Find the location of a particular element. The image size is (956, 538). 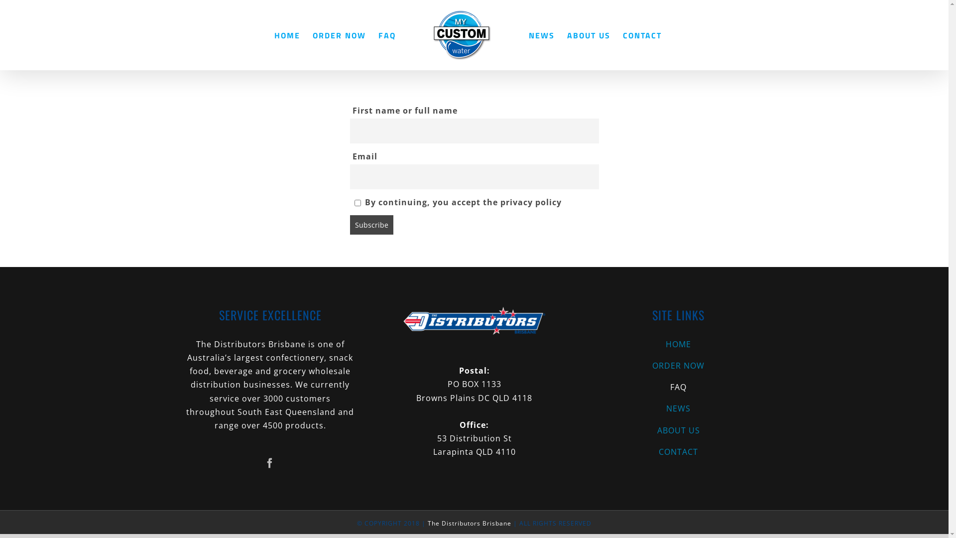

'HOME' is located at coordinates (678, 344).